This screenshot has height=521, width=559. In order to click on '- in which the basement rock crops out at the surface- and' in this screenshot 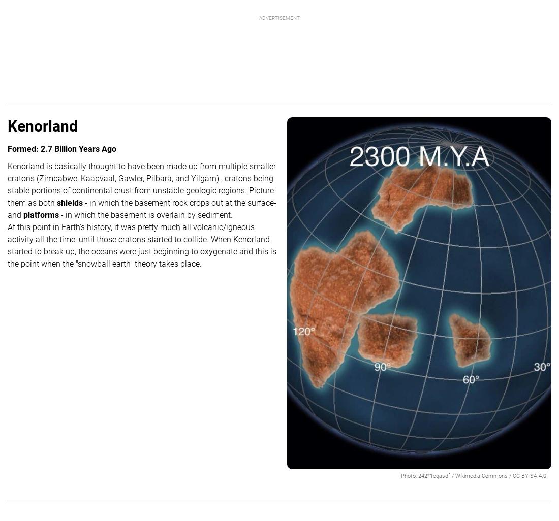, I will do `click(141, 208)`.